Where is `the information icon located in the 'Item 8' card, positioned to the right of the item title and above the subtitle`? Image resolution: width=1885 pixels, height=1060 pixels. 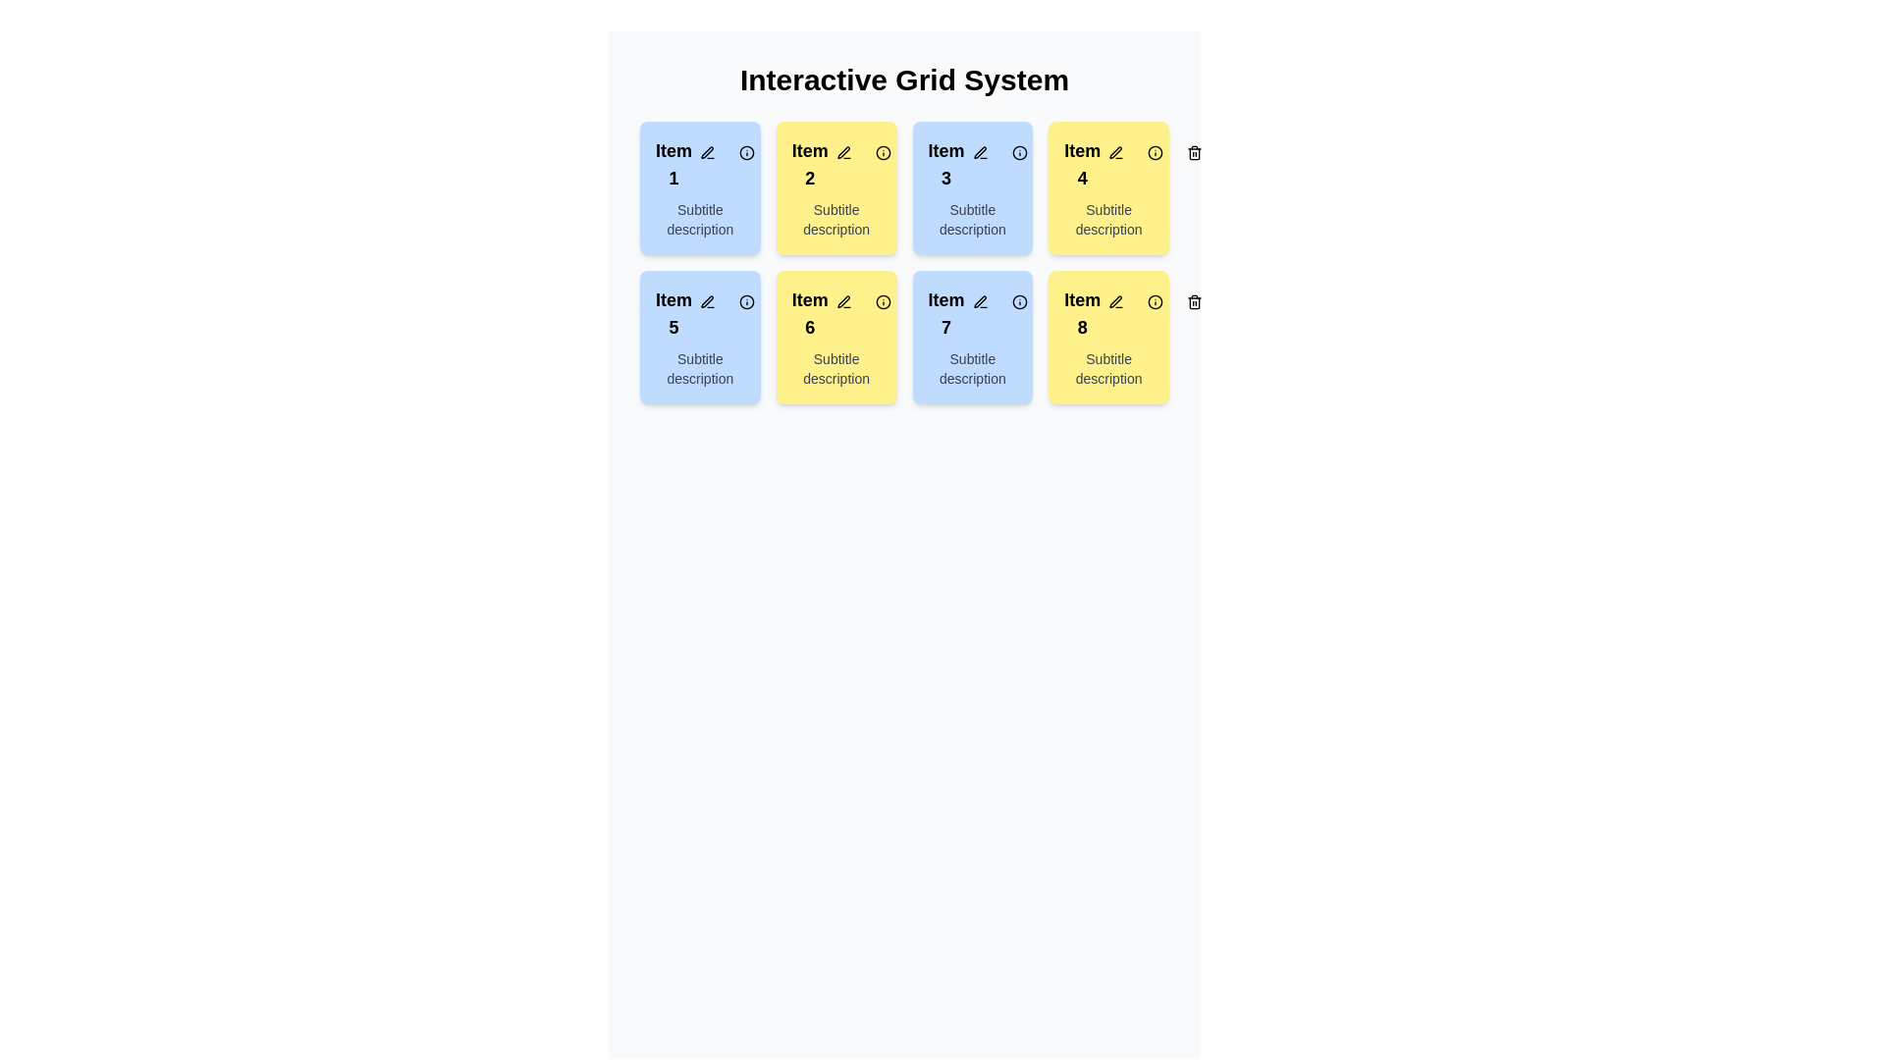 the information icon located in the 'Item 8' card, positioned to the right of the item title and above the subtitle is located at coordinates (1156, 302).